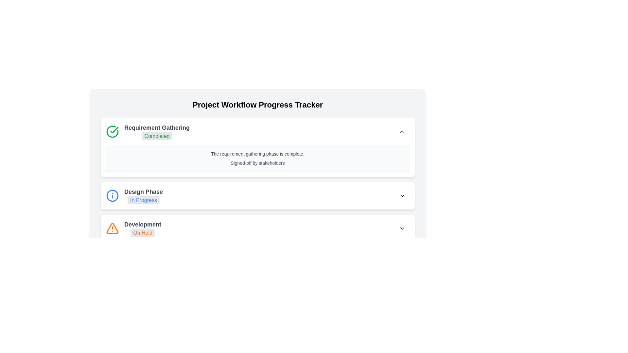 This screenshot has width=628, height=353. What do you see at coordinates (142, 232) in the screenshot?
I see `the Status Badge located below the 'Development' label, indicating that the associated task is on hold` at bounding box center [142, 232].